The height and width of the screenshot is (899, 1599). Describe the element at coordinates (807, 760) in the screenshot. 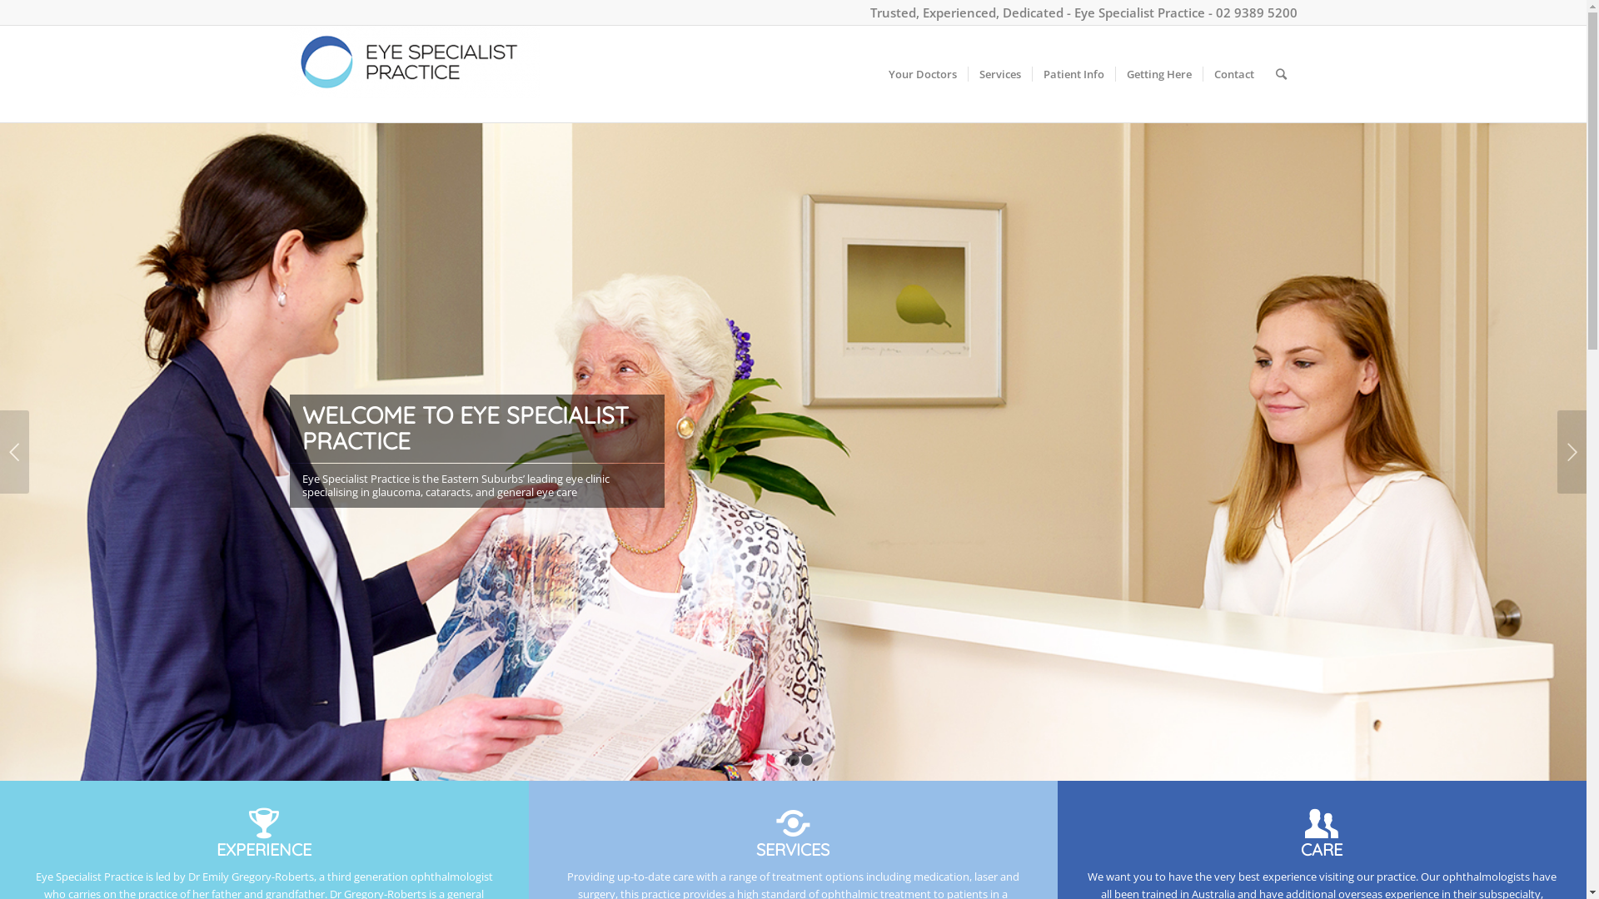

I see `'3'` at that location.